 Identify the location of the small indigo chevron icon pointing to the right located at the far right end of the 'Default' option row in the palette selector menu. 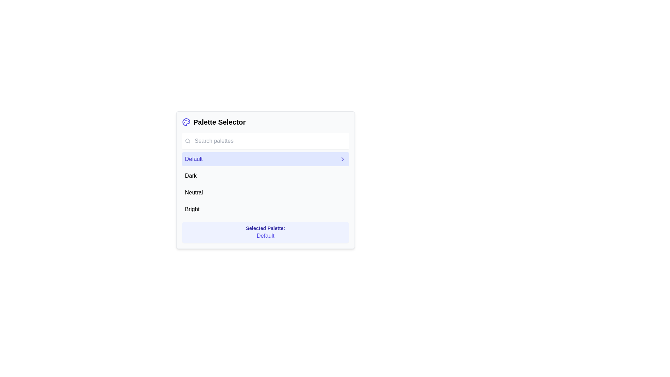
(343, 159).